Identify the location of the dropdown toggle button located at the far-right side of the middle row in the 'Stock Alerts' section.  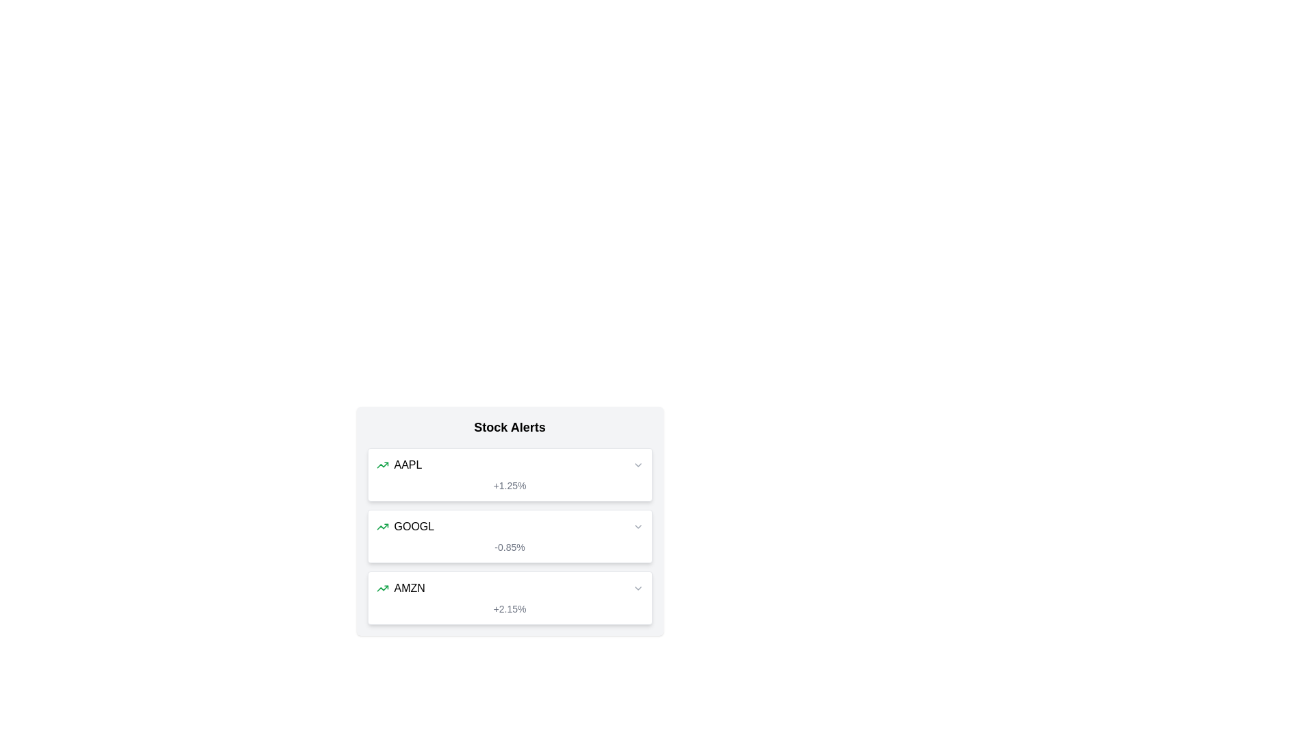
(637, 526).